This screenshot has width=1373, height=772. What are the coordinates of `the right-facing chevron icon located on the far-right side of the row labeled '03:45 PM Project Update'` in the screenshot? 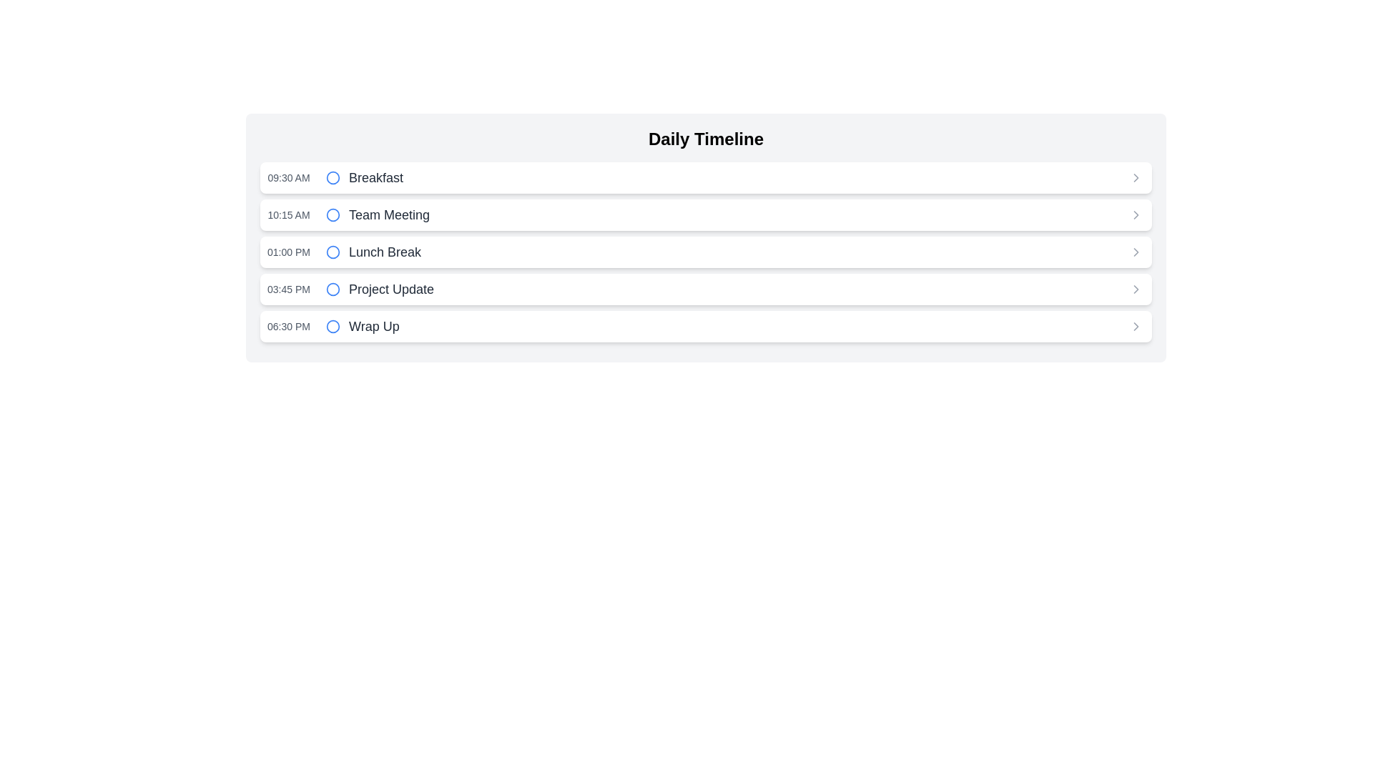 It's located at (1135, 289).